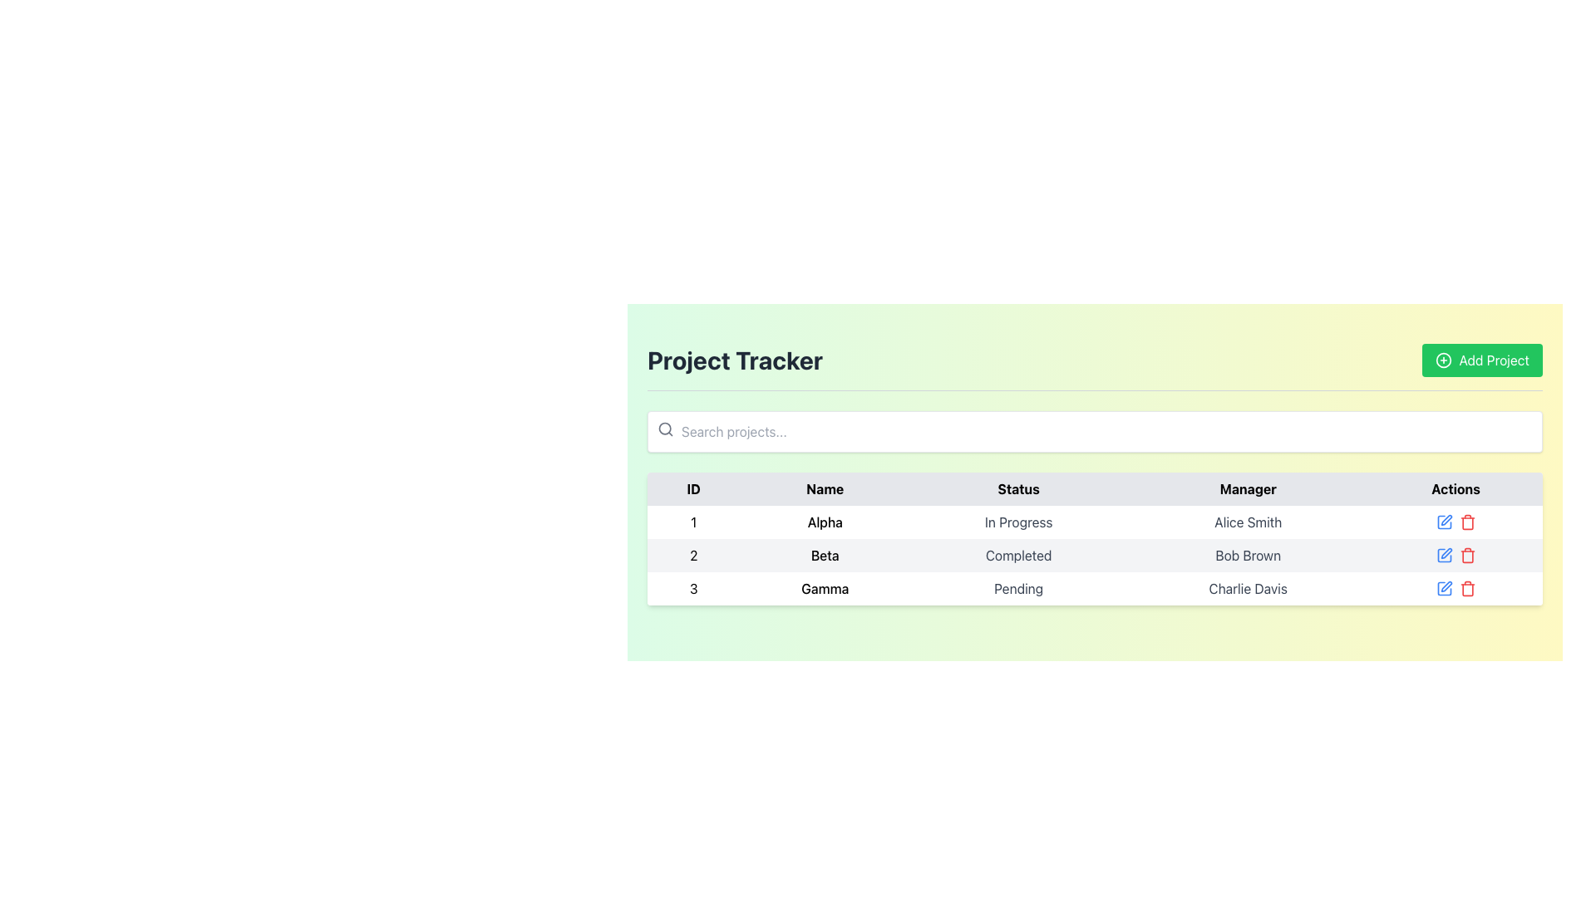 The height and width of the screenshot is (897, 1596). Describe the element at coordinates (825, 555) in the screenshot. I see `the text label 'Beta' located in the second row under the 'Name' column of the table, bordered by '2' in the 'ID' column and 'Completed' in the 'Status' column` at that location.